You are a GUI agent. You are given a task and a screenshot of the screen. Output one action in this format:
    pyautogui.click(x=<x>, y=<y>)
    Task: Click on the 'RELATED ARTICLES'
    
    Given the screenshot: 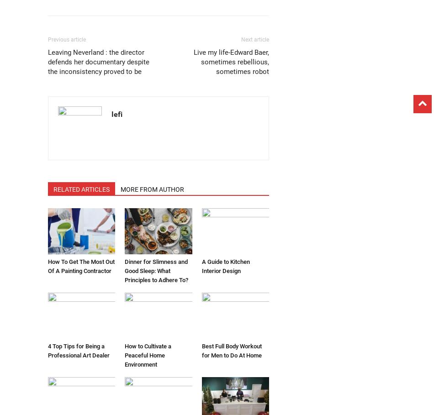 What is the action you would take?
    pyautogui.click(x=81, y=189)
    